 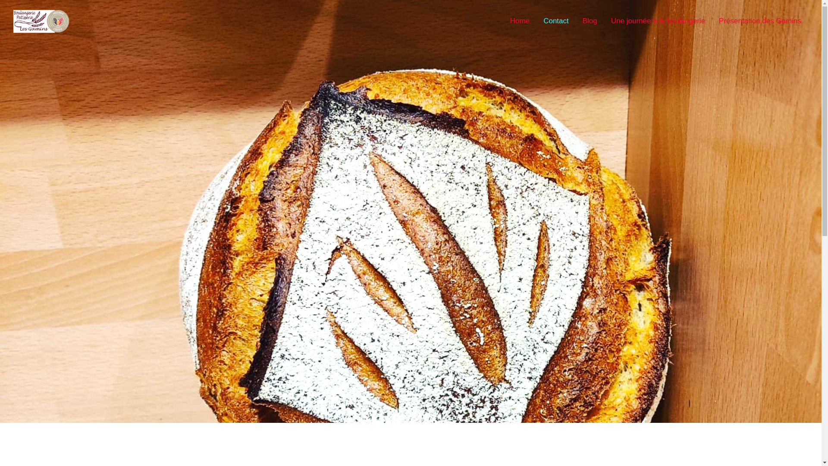 What do you see at coordinates (590, 21) in the screenshot?
I see `'Blog'` at bounding box center [590, 21].